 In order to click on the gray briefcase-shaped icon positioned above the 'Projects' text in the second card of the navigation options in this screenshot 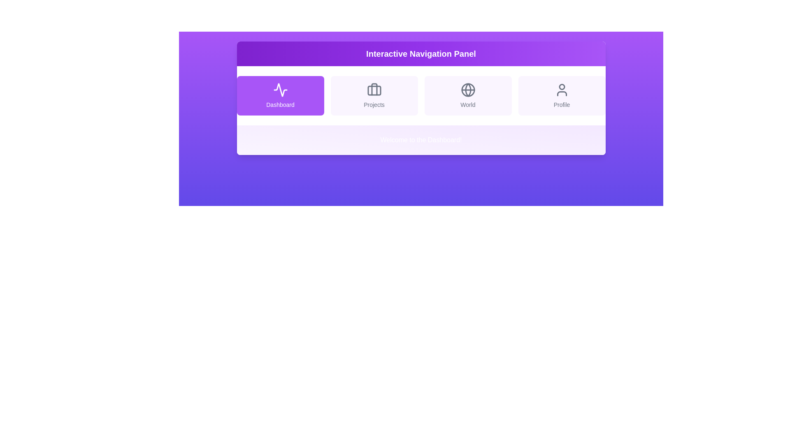, I will do `click(374, 90)`.